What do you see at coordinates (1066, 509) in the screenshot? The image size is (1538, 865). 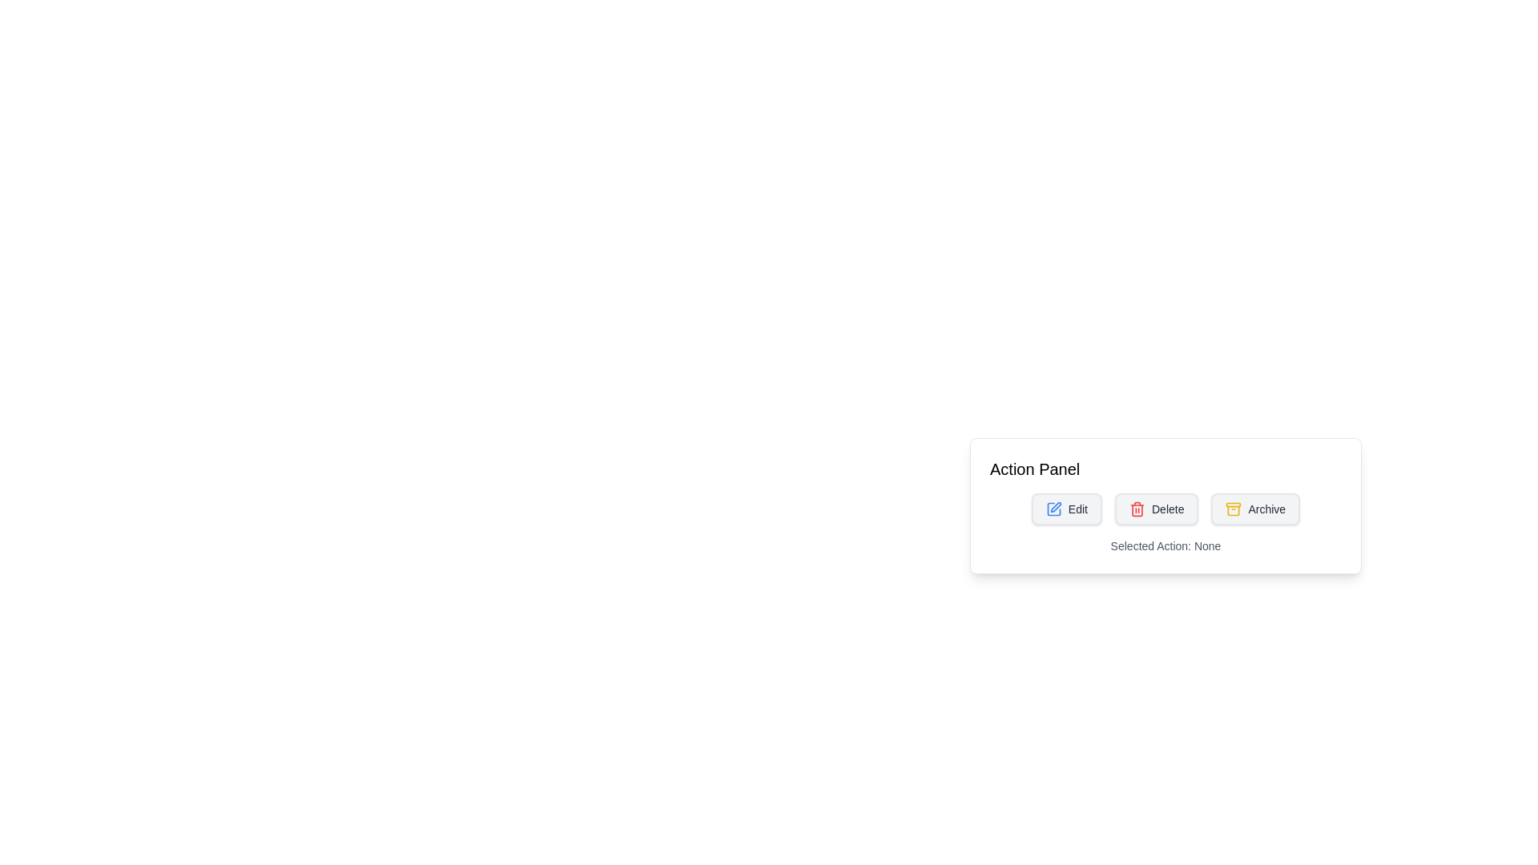 I see `the 'Edit' button located in the central area of the 'Action Panel'` at bounding box center [1066, 509].